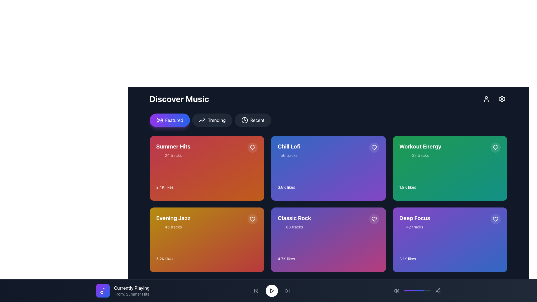  Describe the element at coordinates (414, 227) in the screenshot. I see `the text label that reads '42 tracks', which is located within the purple card titled 'Deep Focus' in the bottom-left section of the card` at that location.